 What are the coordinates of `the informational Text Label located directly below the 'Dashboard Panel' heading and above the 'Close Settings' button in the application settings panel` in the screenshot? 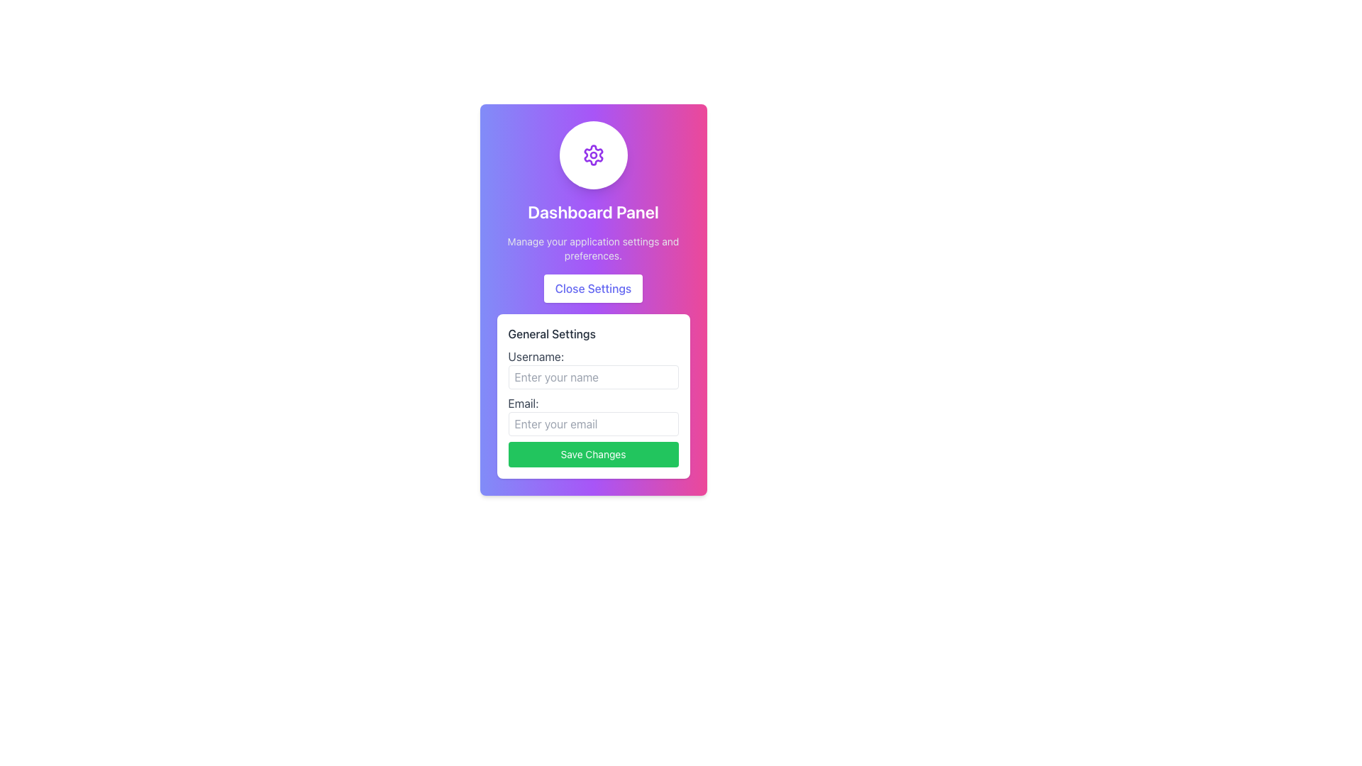 It's located at (593, 248).